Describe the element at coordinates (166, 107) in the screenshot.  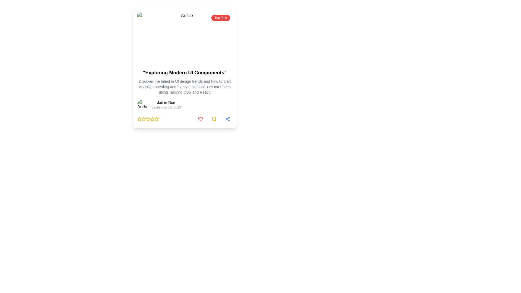
I see `text label displaying the publication date of the article, which is located directly below the author's name 'Jamie Doe' in the bottom-left quadrant of the card interface` at that location.